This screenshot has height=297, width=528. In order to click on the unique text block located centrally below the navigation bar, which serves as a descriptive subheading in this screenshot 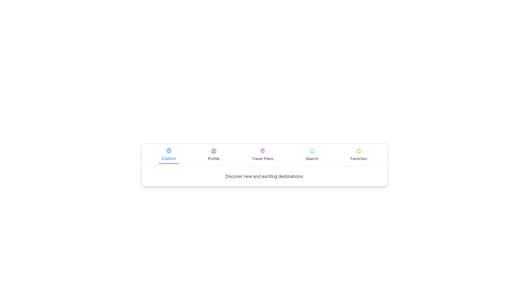, I will do `click(264, 176)`.